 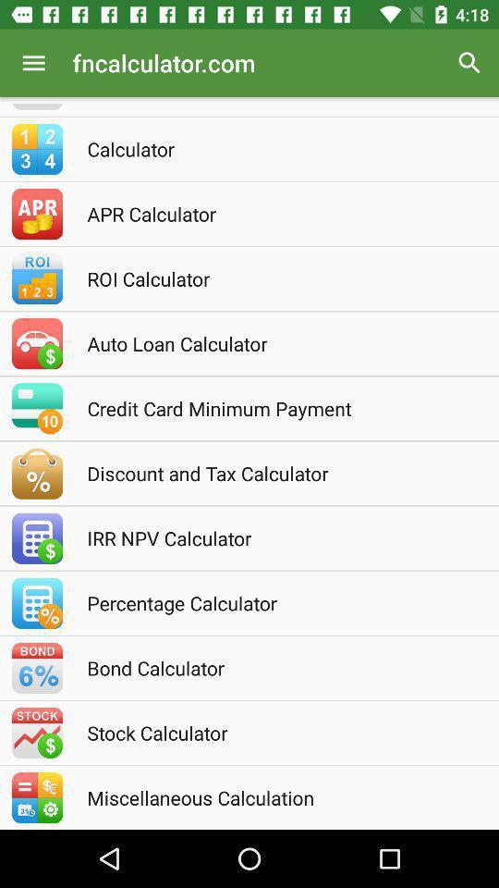 What do you see at coordinates (274, 472) in the screenshot?
I see `discount and tax item` at bounding box center [274, 472].